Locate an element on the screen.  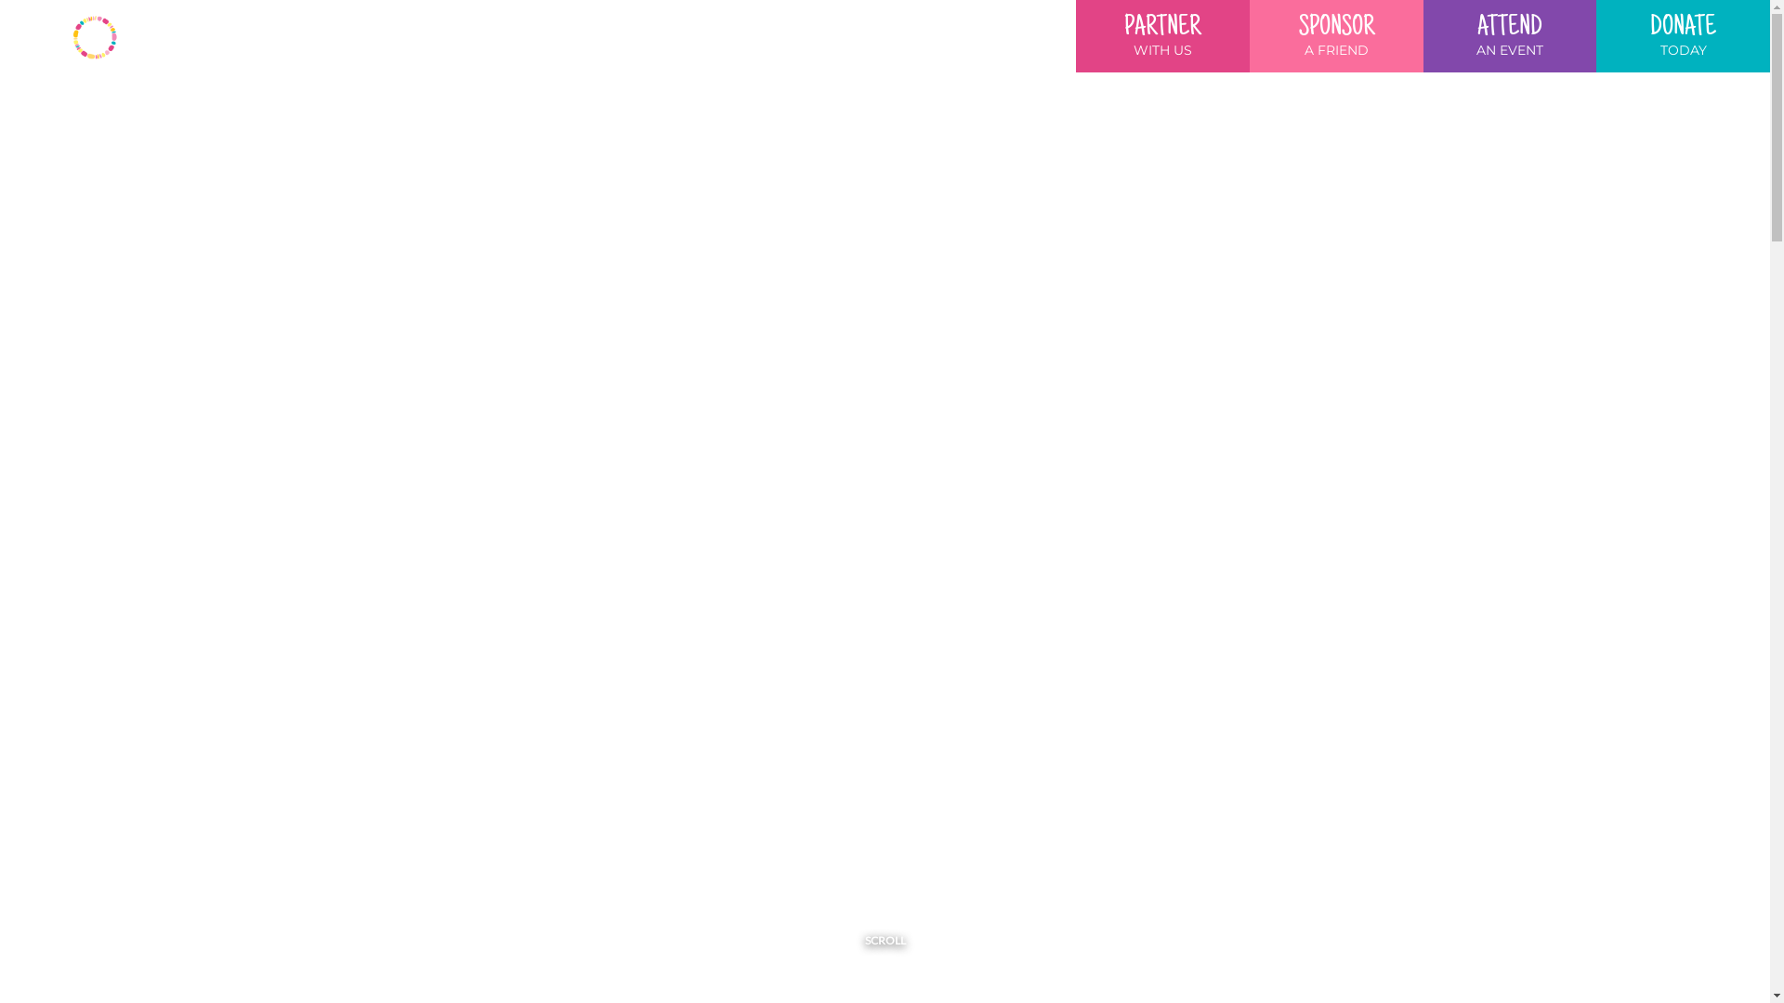
'ATTEND is located at coordinates (1510, 35).